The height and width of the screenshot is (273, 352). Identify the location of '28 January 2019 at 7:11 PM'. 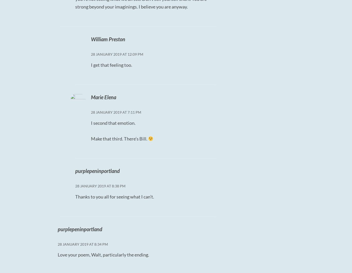
(115, 112).